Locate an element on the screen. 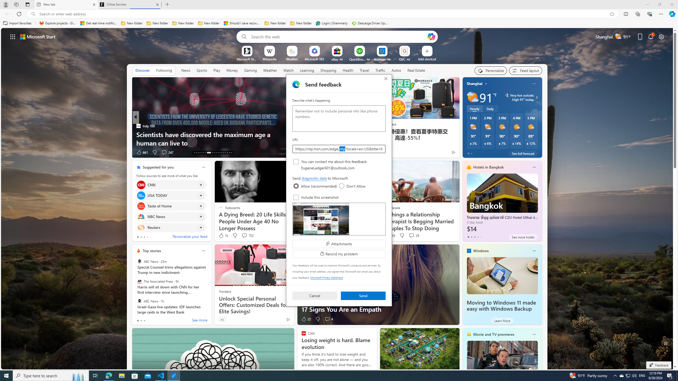 Image resolution: width=678 pixels, height=381 pixels. 'Microsoft Start Gaming' is located at coordinates (246, 59).